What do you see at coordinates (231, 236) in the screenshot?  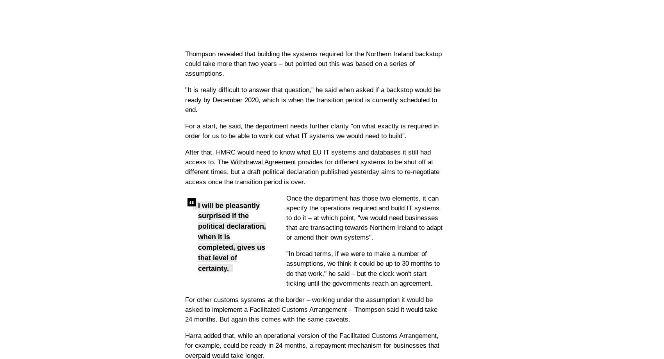 I see `'I will be pleasantly surprised if the political declaration, when it is completed, gives us that level of certainty.'` at bounding box center [231, 236].